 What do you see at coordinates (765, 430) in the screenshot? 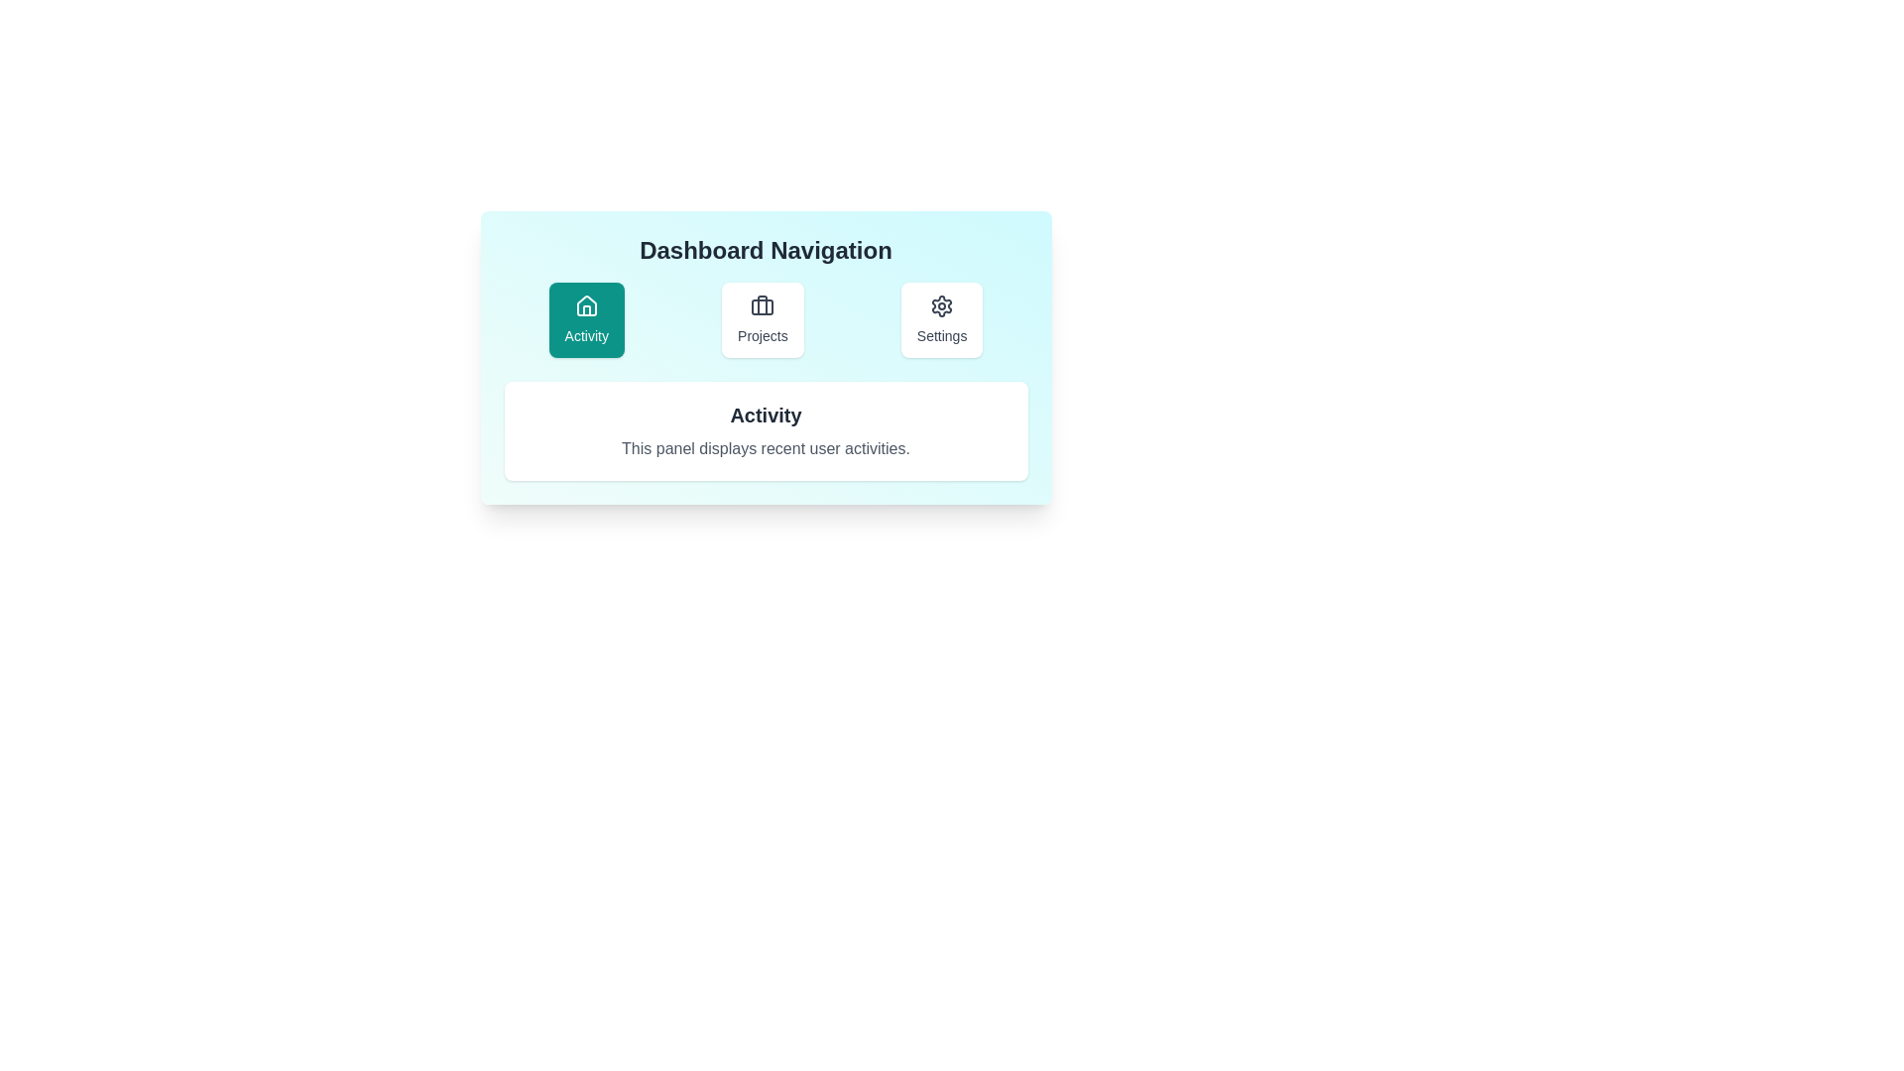
I see `the informational panel displaying a white background with rounded corners, featuring a bold 'Activity' heading and a smaller line of text about recent user activities` at bounding box center [765, 430].